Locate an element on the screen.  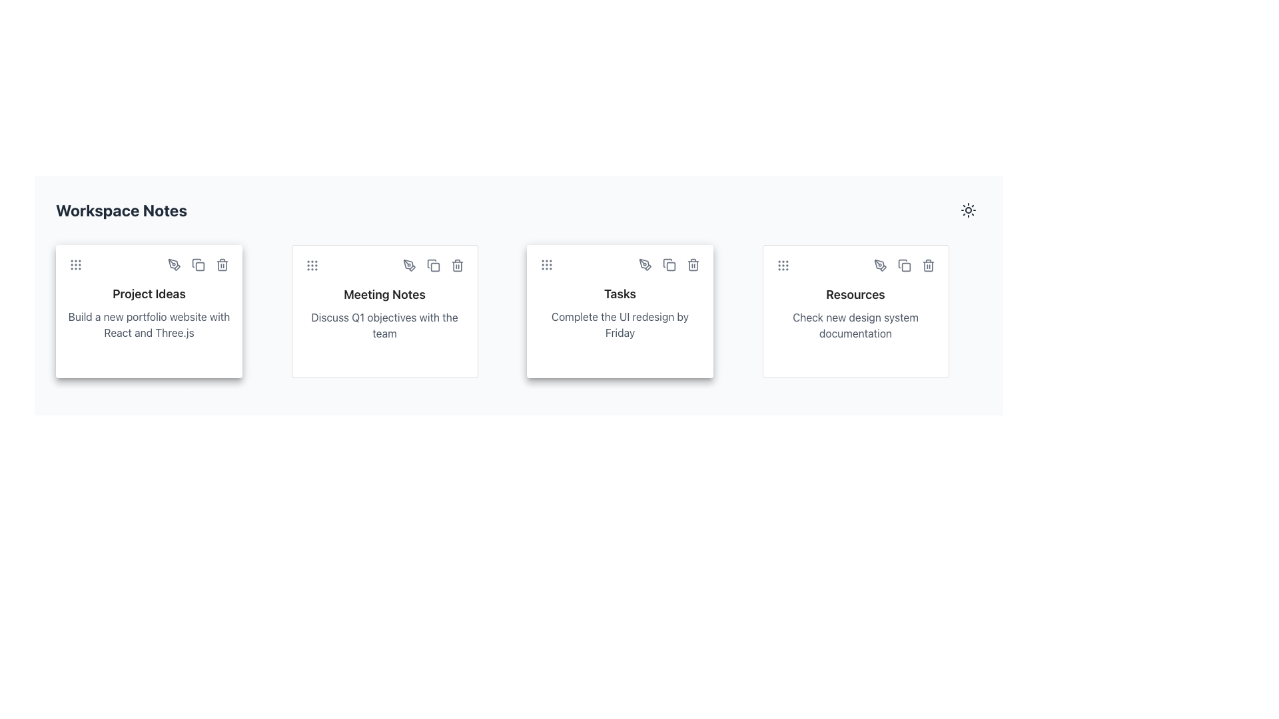
information displayed in the static text label that says 'Check new design system documentation', located at the bottom of the 'Resources' block is located at coordinates (855, 326).